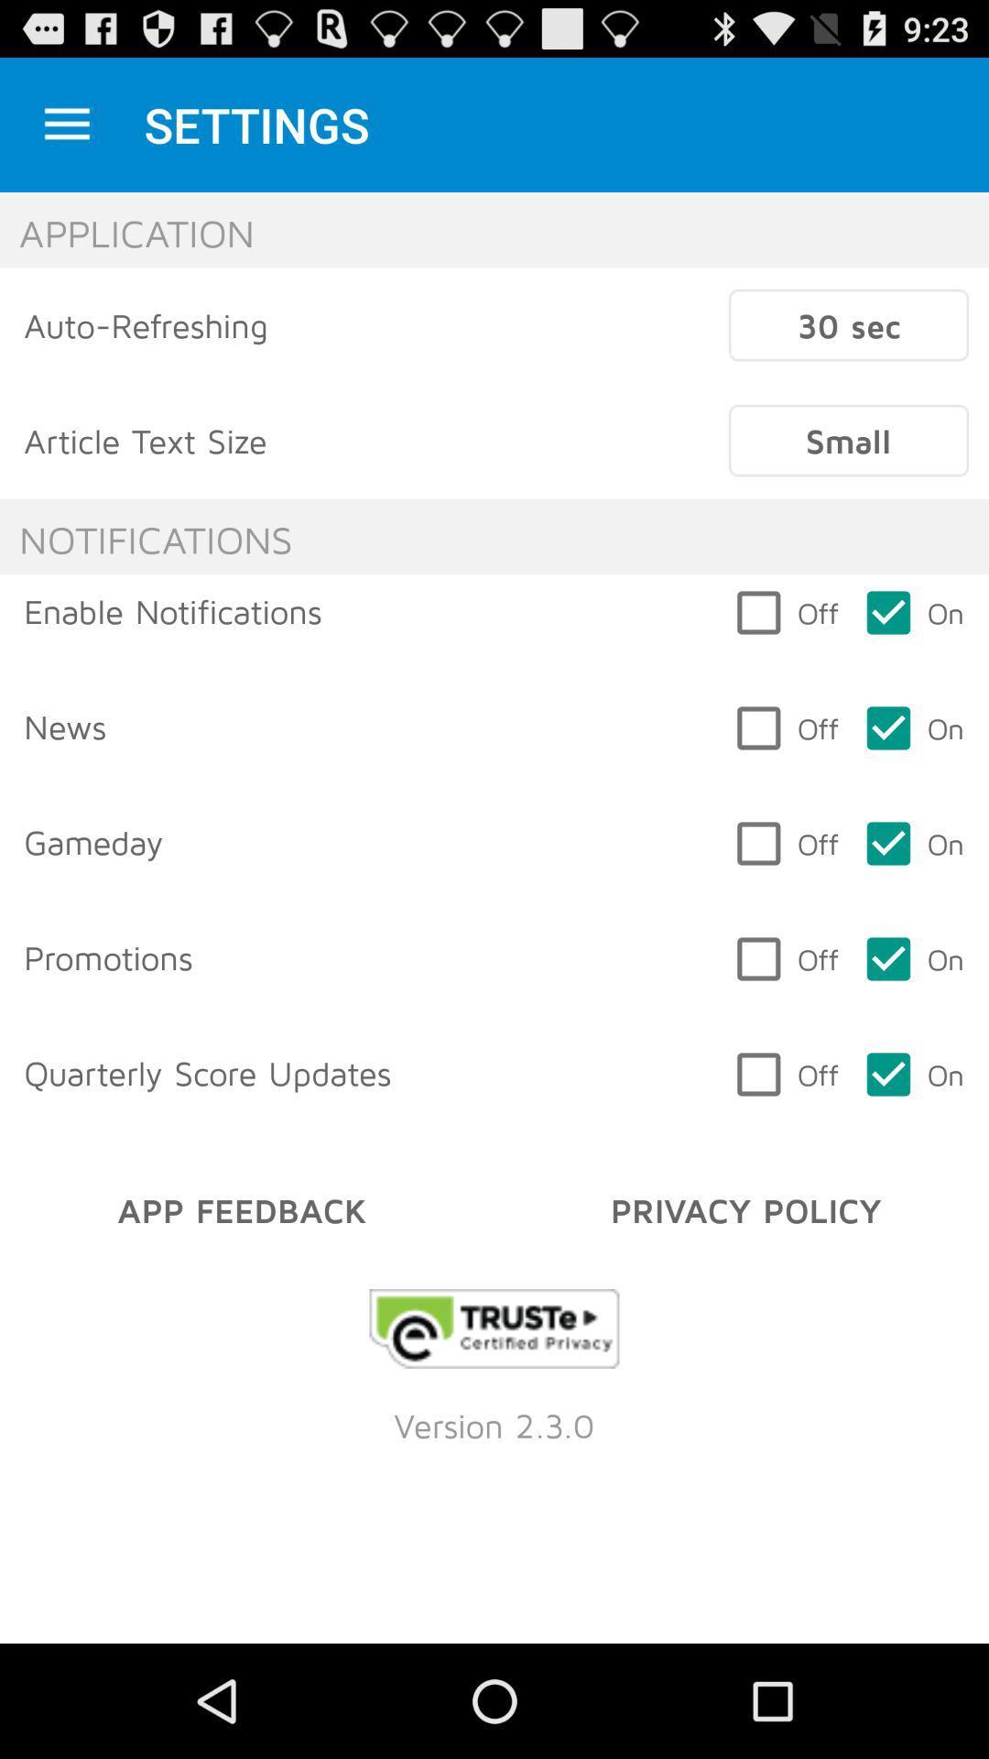 This screenshot has width=989, height=1759. Describe the element at coordinates (494, 1328) in the screenshot. I see `this a trustcertificate privacy` at that location.